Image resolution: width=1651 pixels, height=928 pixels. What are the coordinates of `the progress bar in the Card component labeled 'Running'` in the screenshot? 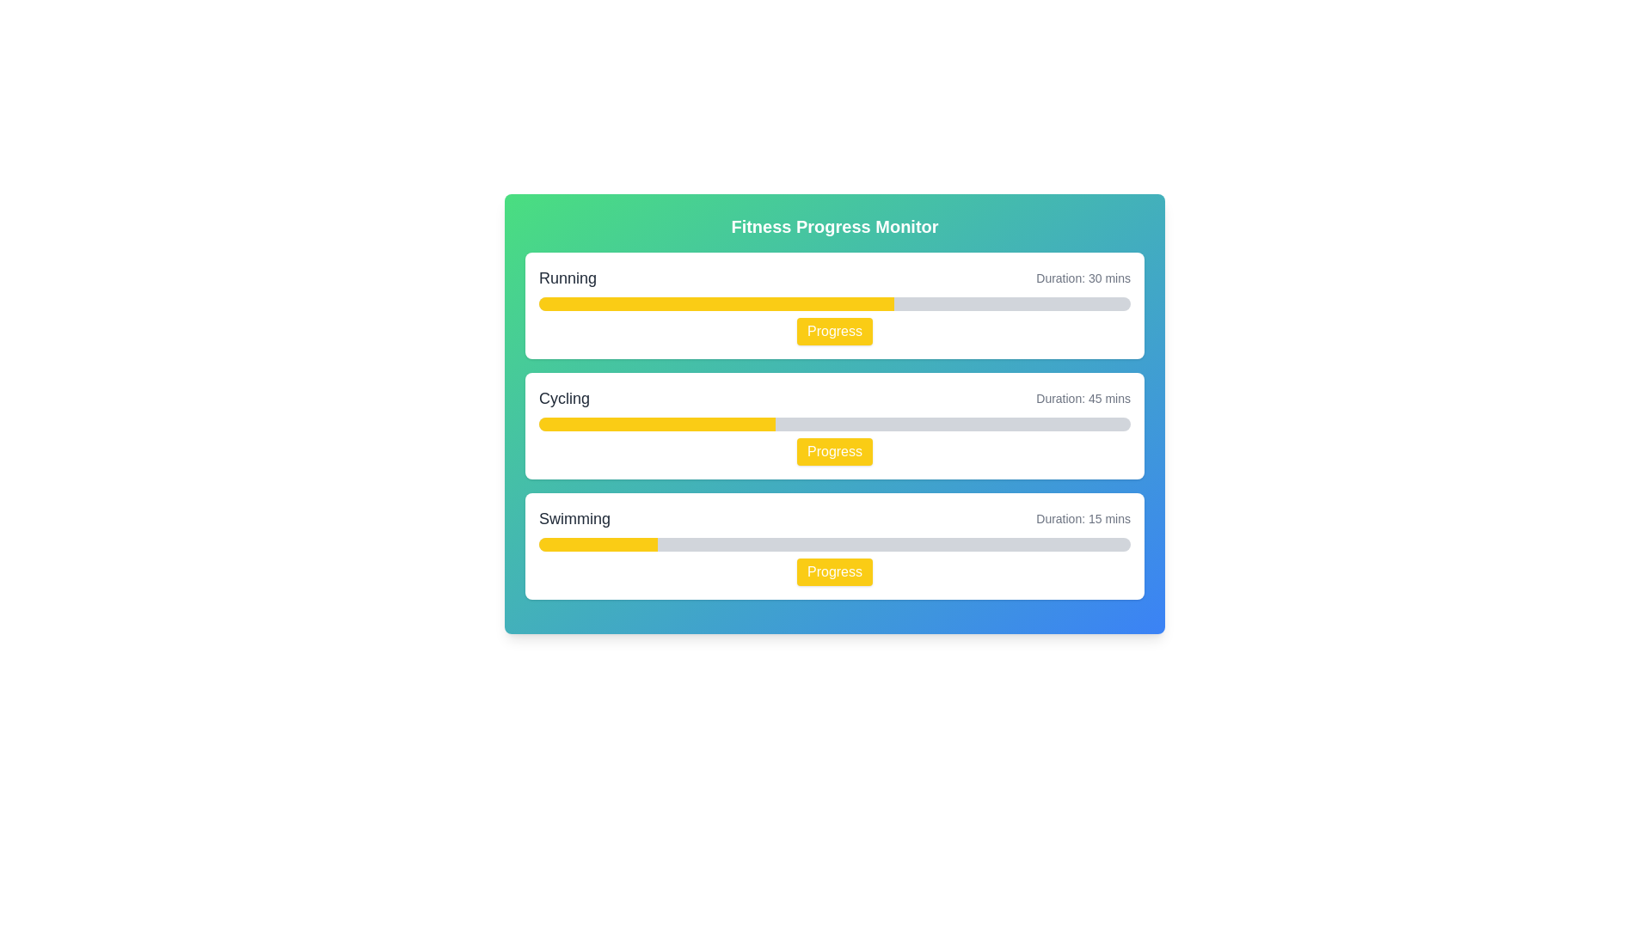 It's located at (834, 304).